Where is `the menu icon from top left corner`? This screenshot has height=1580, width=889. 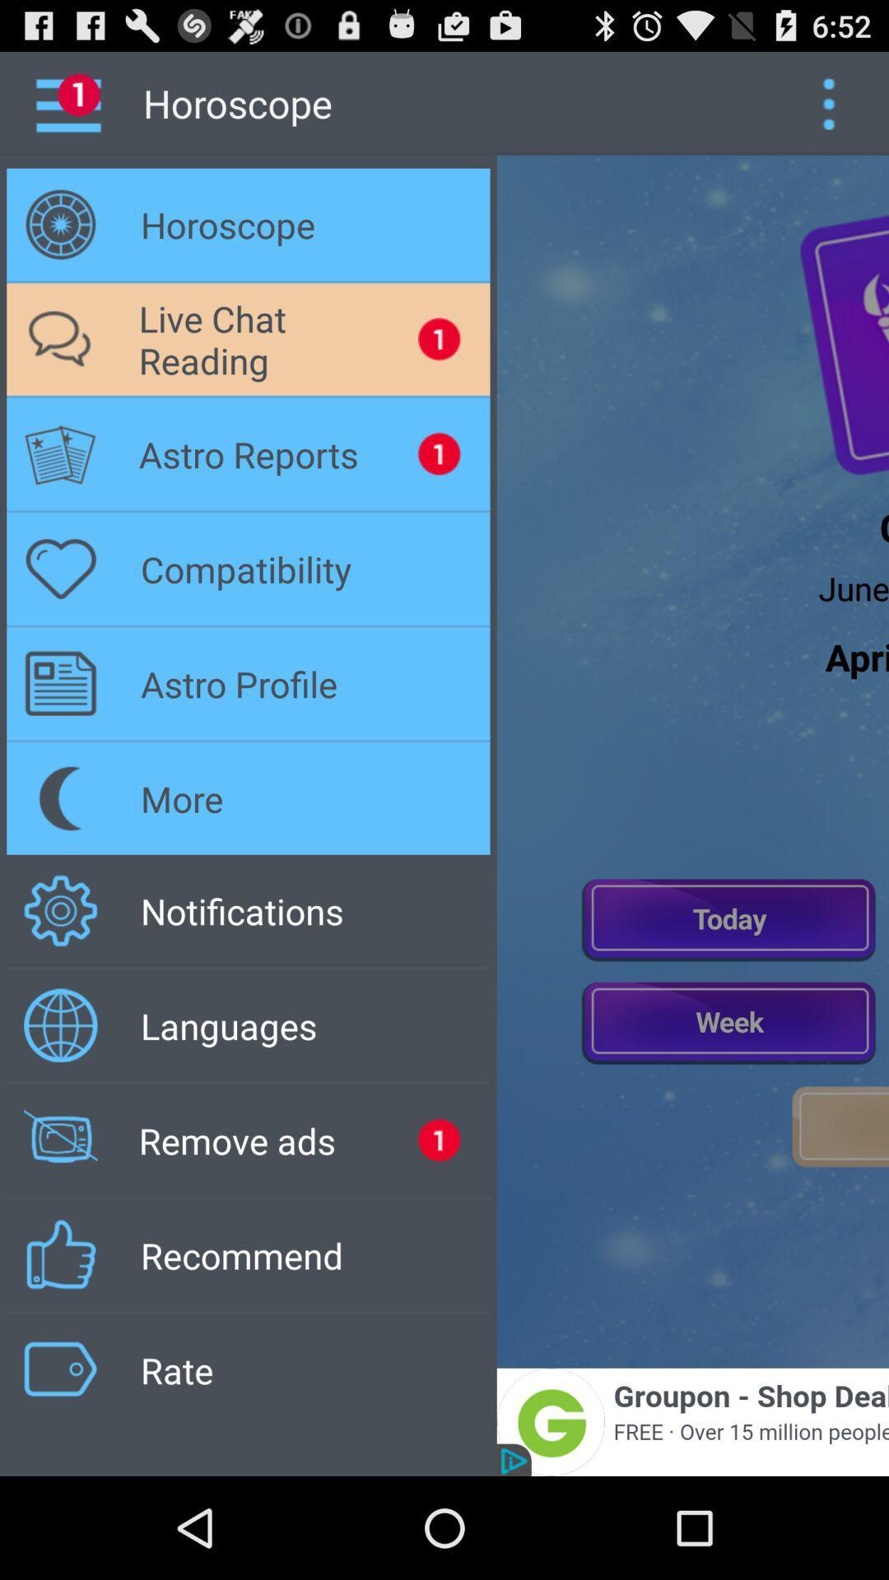 the menu icon from top left corner is located at coordinates (80, 102).